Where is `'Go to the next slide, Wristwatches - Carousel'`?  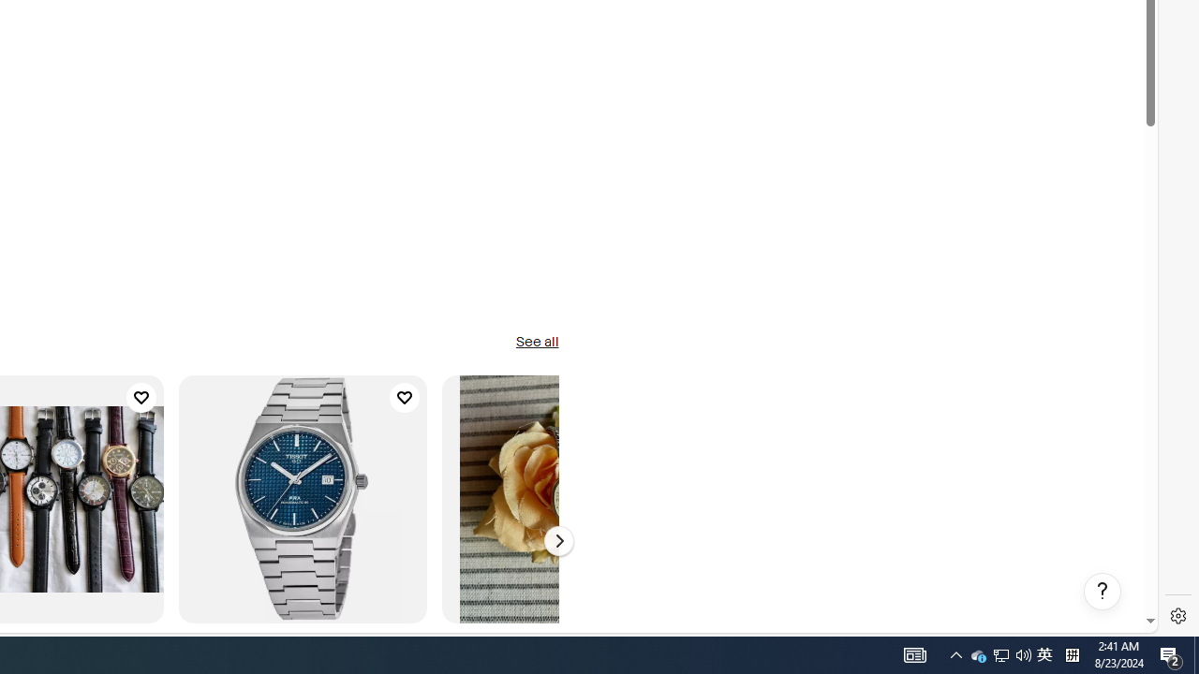 'Go to the next slide, Wristwatches - Carousel' is located at coordinates (557, 541).